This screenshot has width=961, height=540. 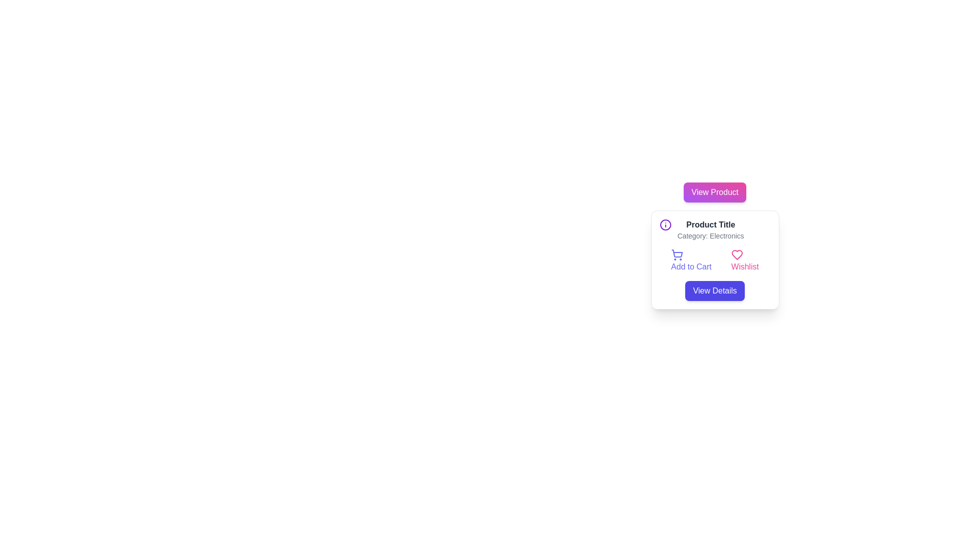 I want to click on the cart icon that represents the 'Add to Cart' functionality, located in the top left corner of the product actions card, so click(x=677, y=254).